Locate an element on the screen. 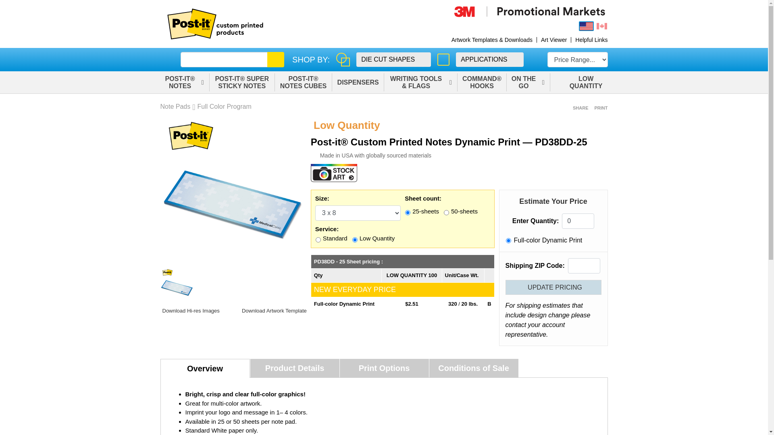 Image resolution: width=774 pixels, height=435 pixels. 'ON THE is located at coordinates (528, 82).